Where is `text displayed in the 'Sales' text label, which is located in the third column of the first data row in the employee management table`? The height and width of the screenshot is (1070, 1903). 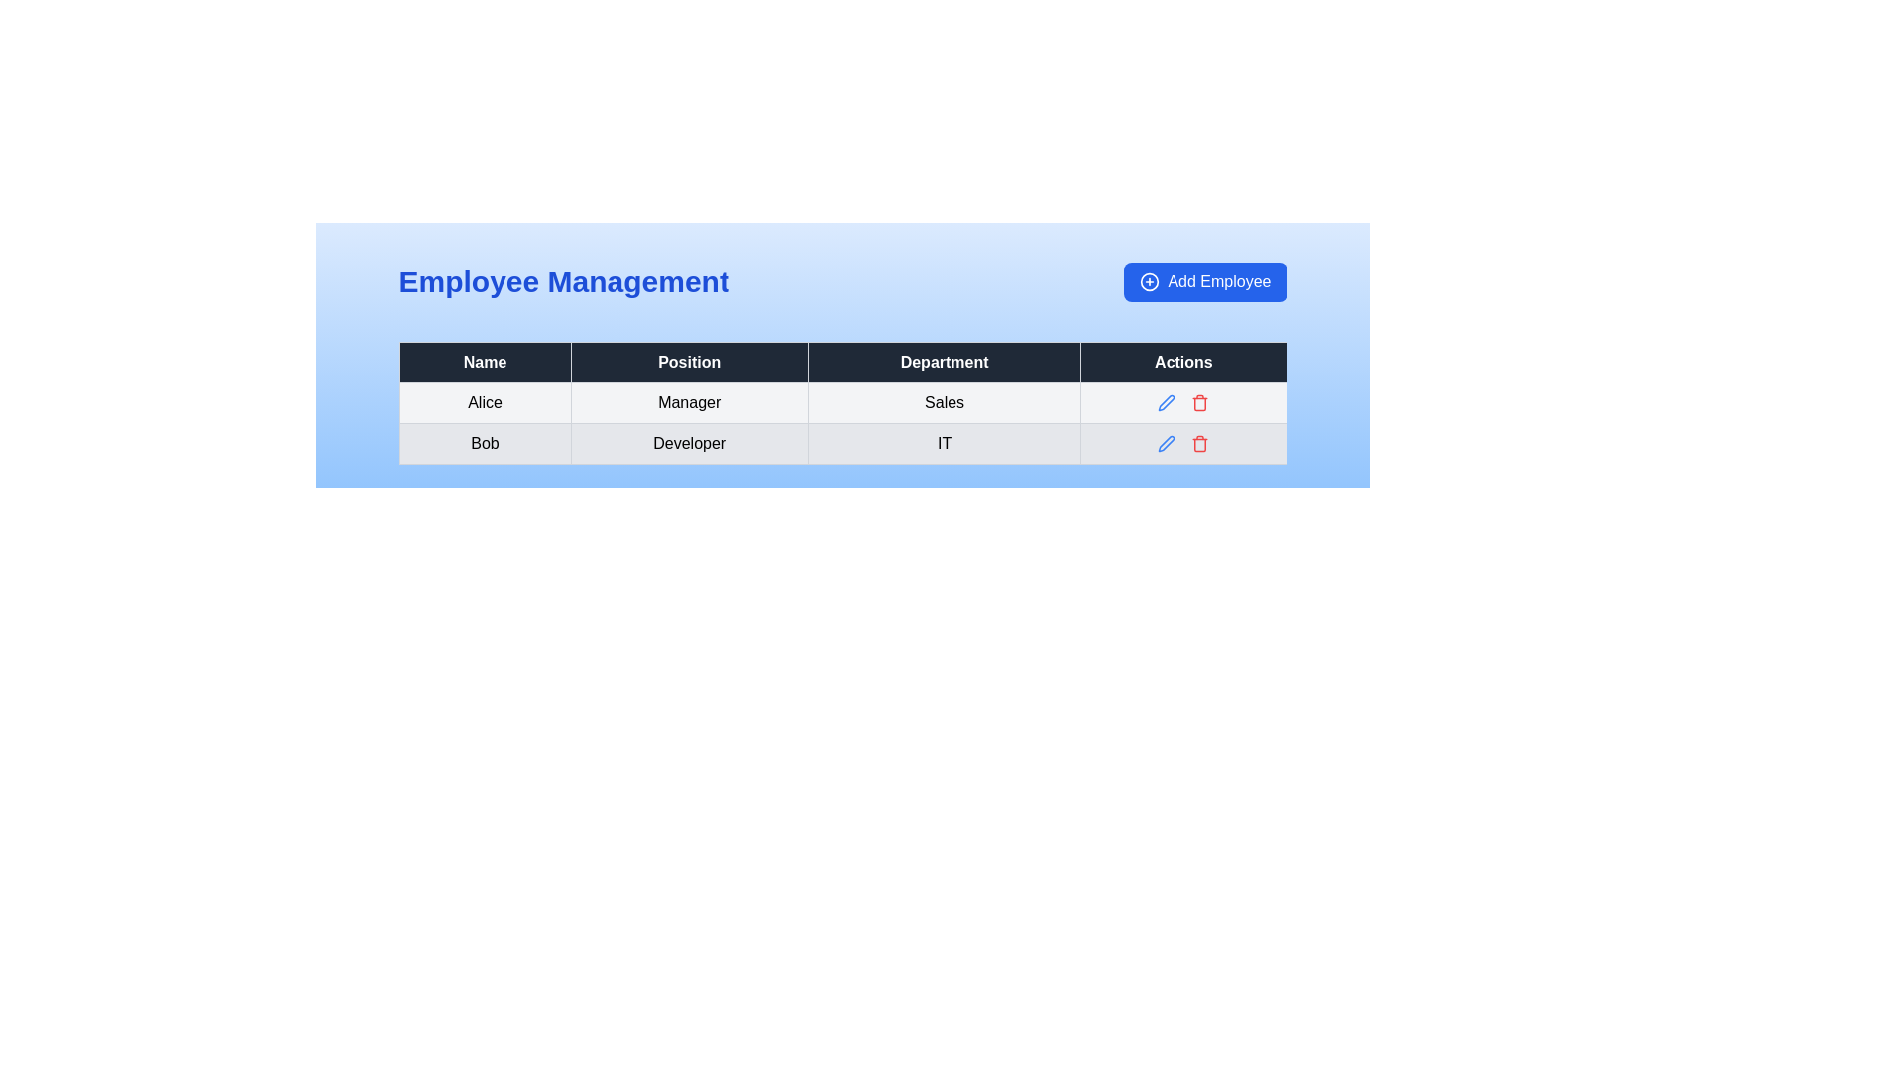
text displayed in the 'Sales' text label, which is located in the third column of the first data row in the employee management table is located at coordinates (944, 402).